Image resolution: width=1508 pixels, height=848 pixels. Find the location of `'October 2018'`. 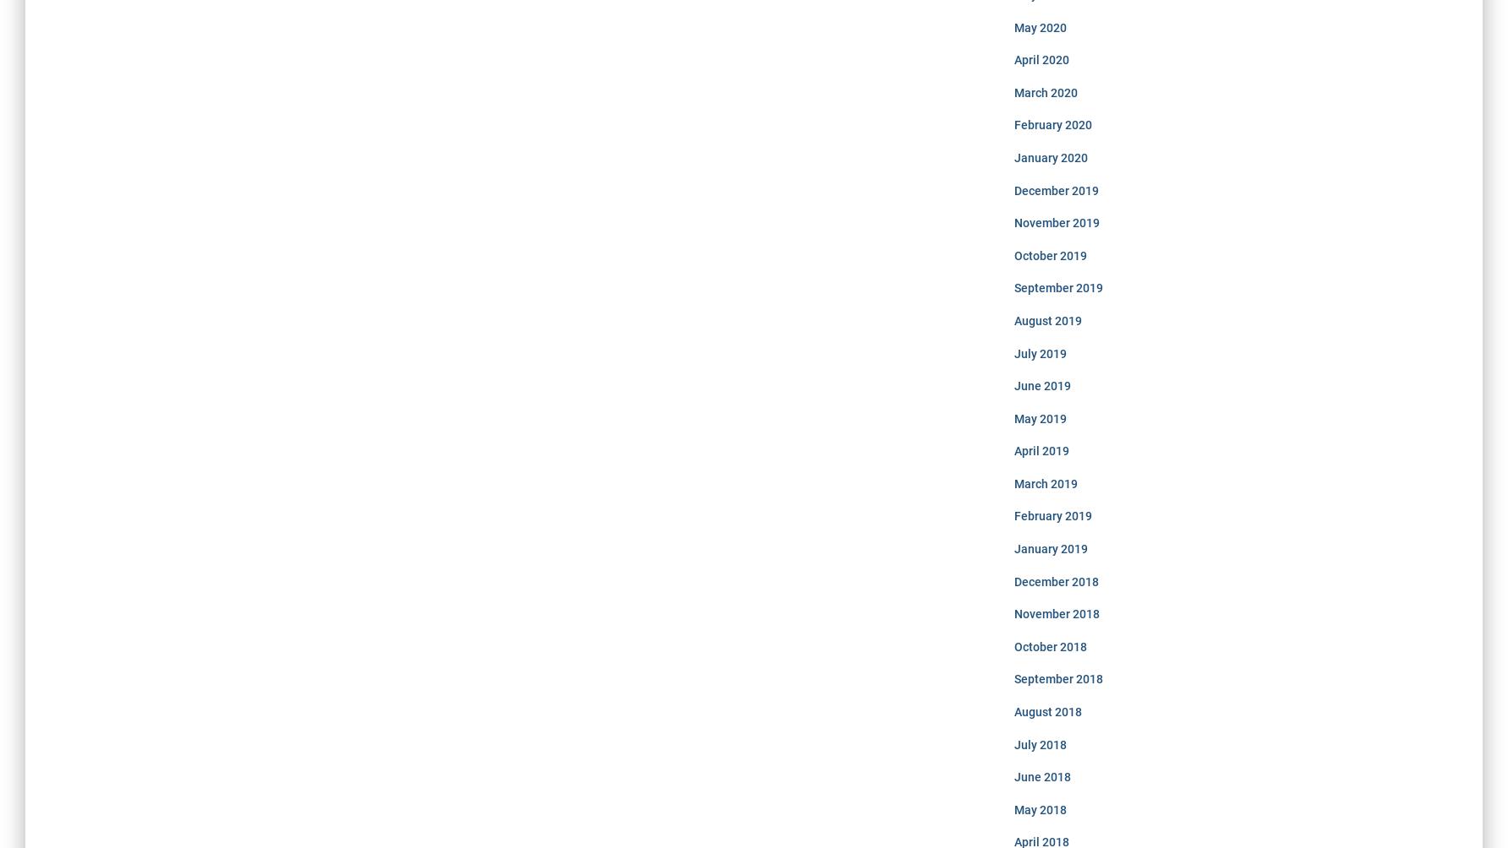

'October 2018' is located at coordinates (1049, 646).